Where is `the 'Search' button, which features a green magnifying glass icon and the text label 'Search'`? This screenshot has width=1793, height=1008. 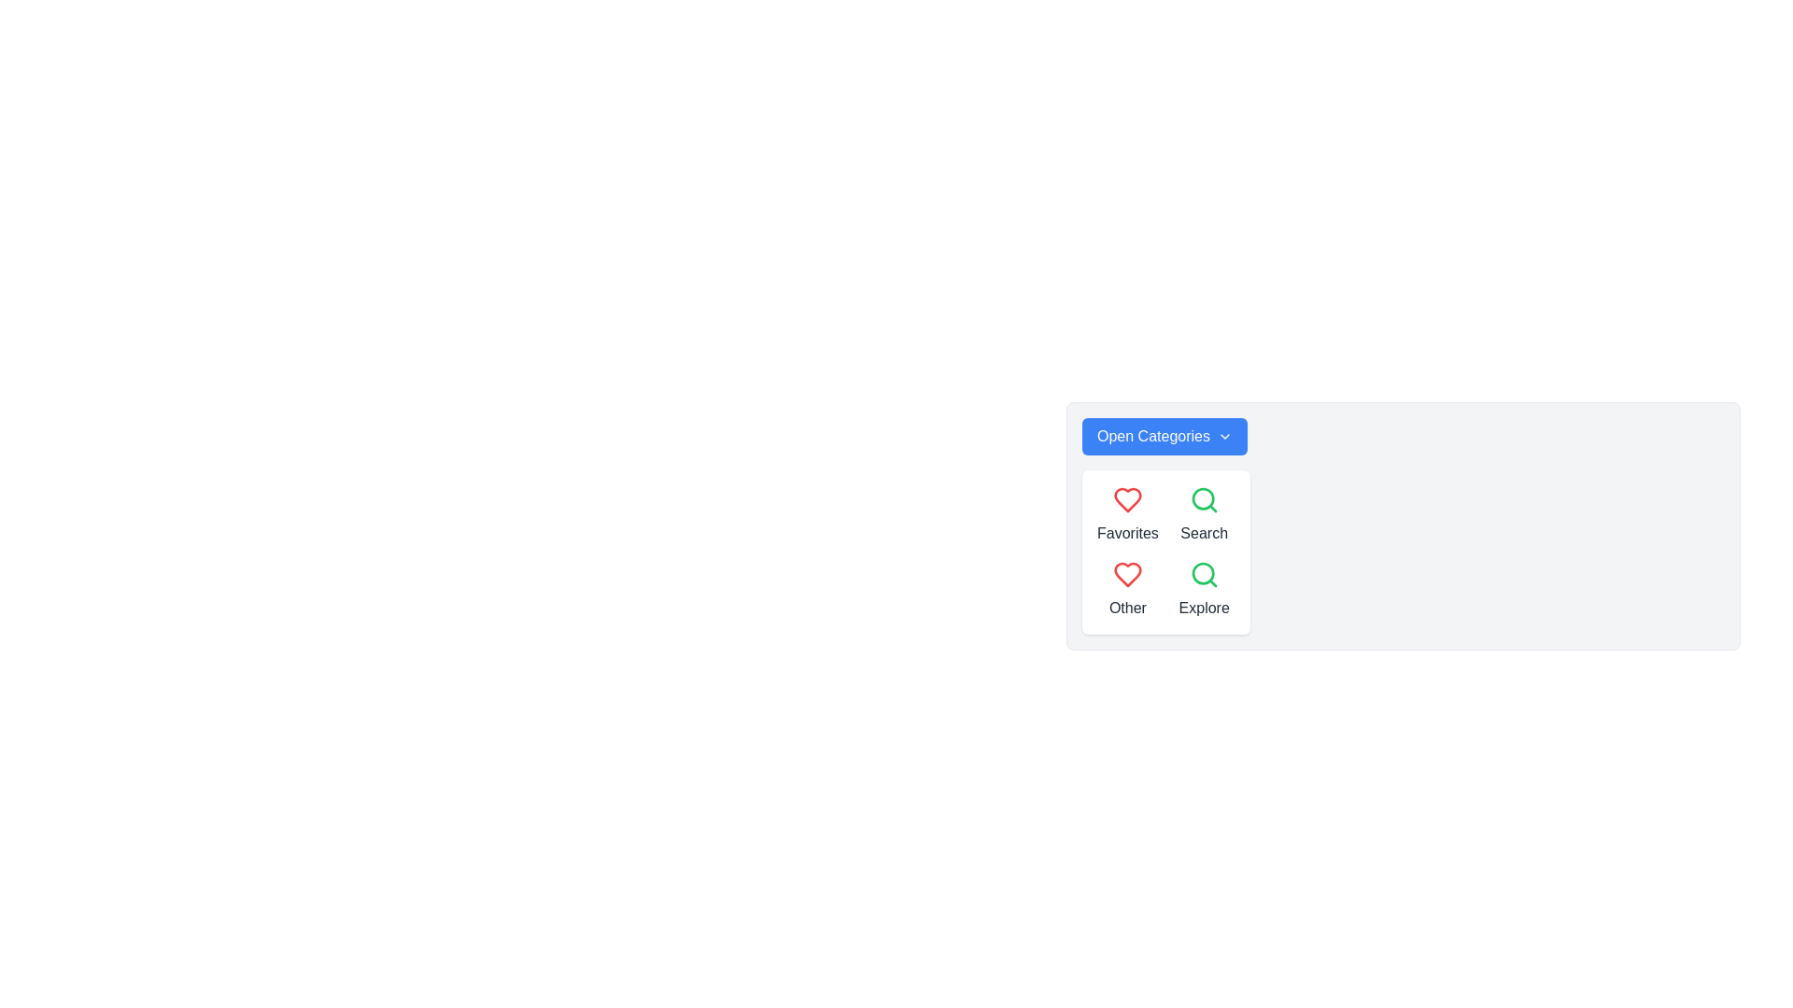
the 'Search' button, which features a green magnifying glass icon and the text label 'Search' is located at coordinates (1204, 514).